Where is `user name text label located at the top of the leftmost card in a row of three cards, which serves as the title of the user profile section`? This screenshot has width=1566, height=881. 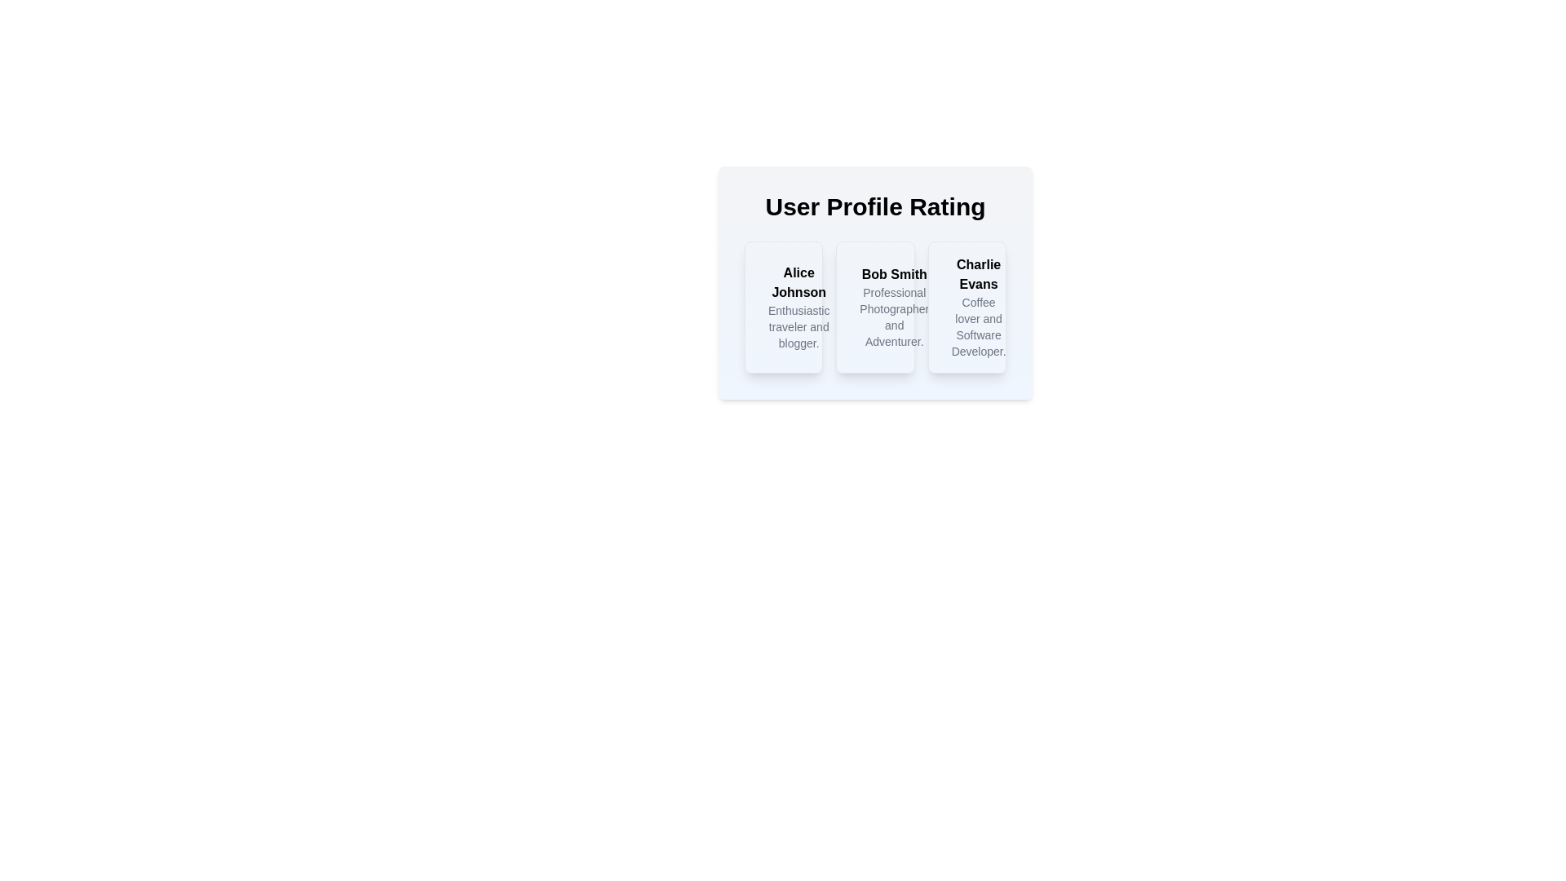
user name text label located at the top of the leftmost card in a row of three cards, which serves as the title of the user profile section is located at coordinates (798, 282).